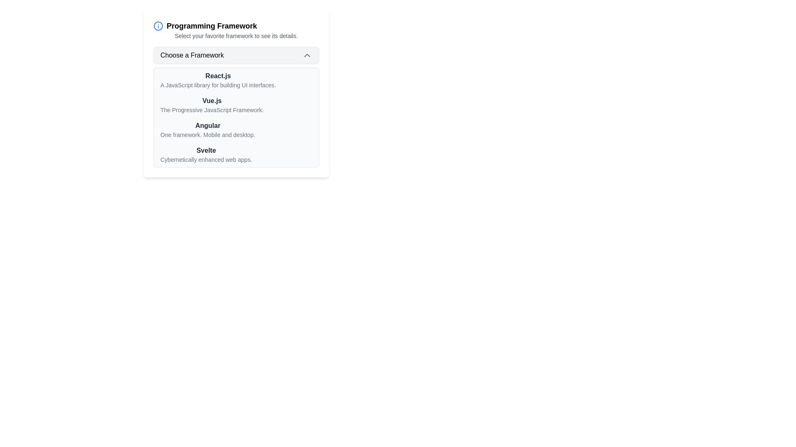 The height and width of the screenshot is (447, 796). What do you see at coordinates (212, 100) in the screenshot?
I see `the 'Vue.js' text label, which is the second item in the 'Choose a Framework' list` at bounding box center [212, 100].